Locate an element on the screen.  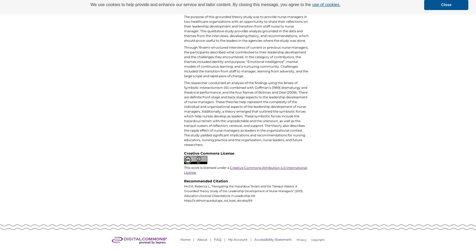
'We use cookies to help provide and enhance our service and tailor content. By closing this message, you agree to the' is located at coordinates (201, 4).